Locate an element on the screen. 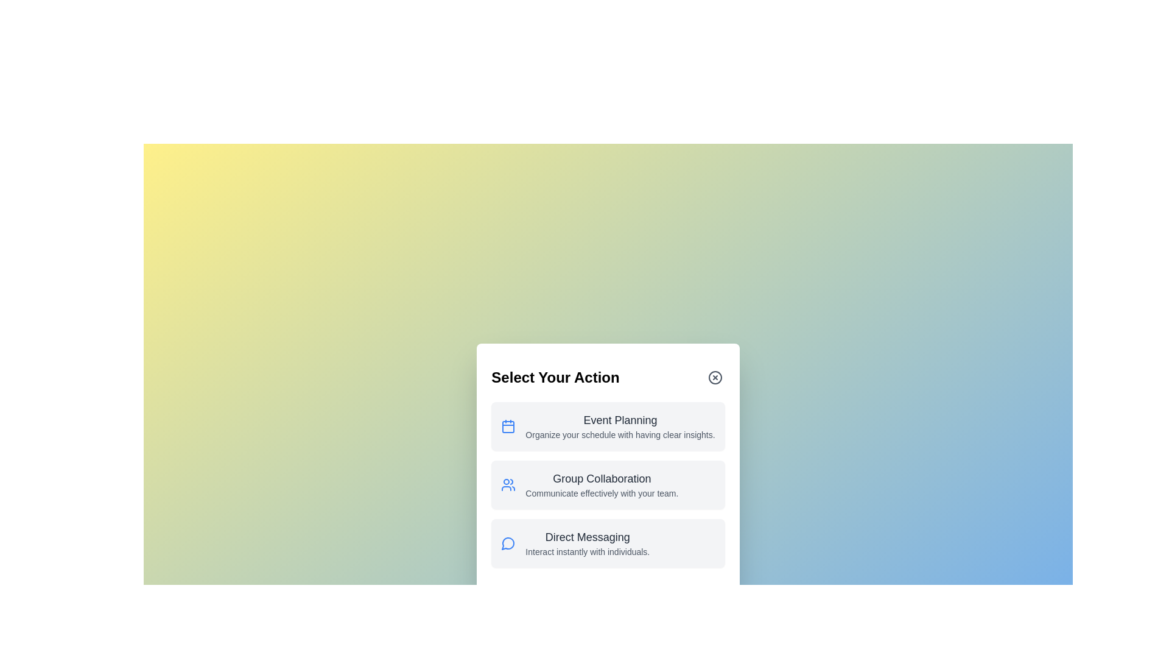  the card corresponding to Event Planning is located at coordinates (608, 425).